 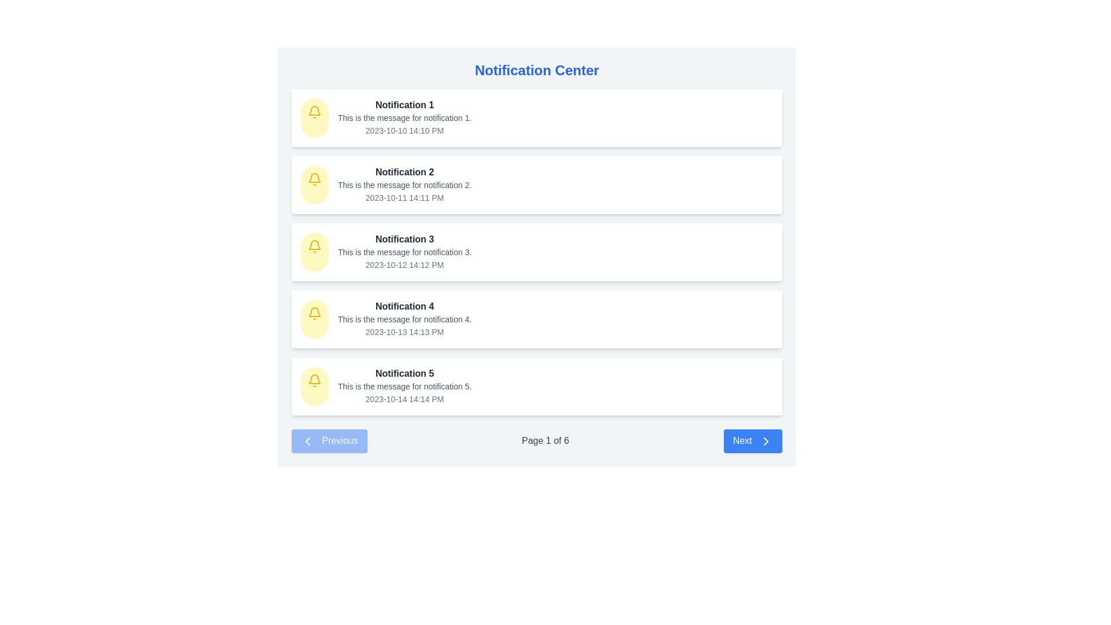 I want to click on the bold dark gray text label displaying 'Notification 5' at the top of the notification card, which is the fifth entry in the Notification Center panel, so click(x=404, y=373).